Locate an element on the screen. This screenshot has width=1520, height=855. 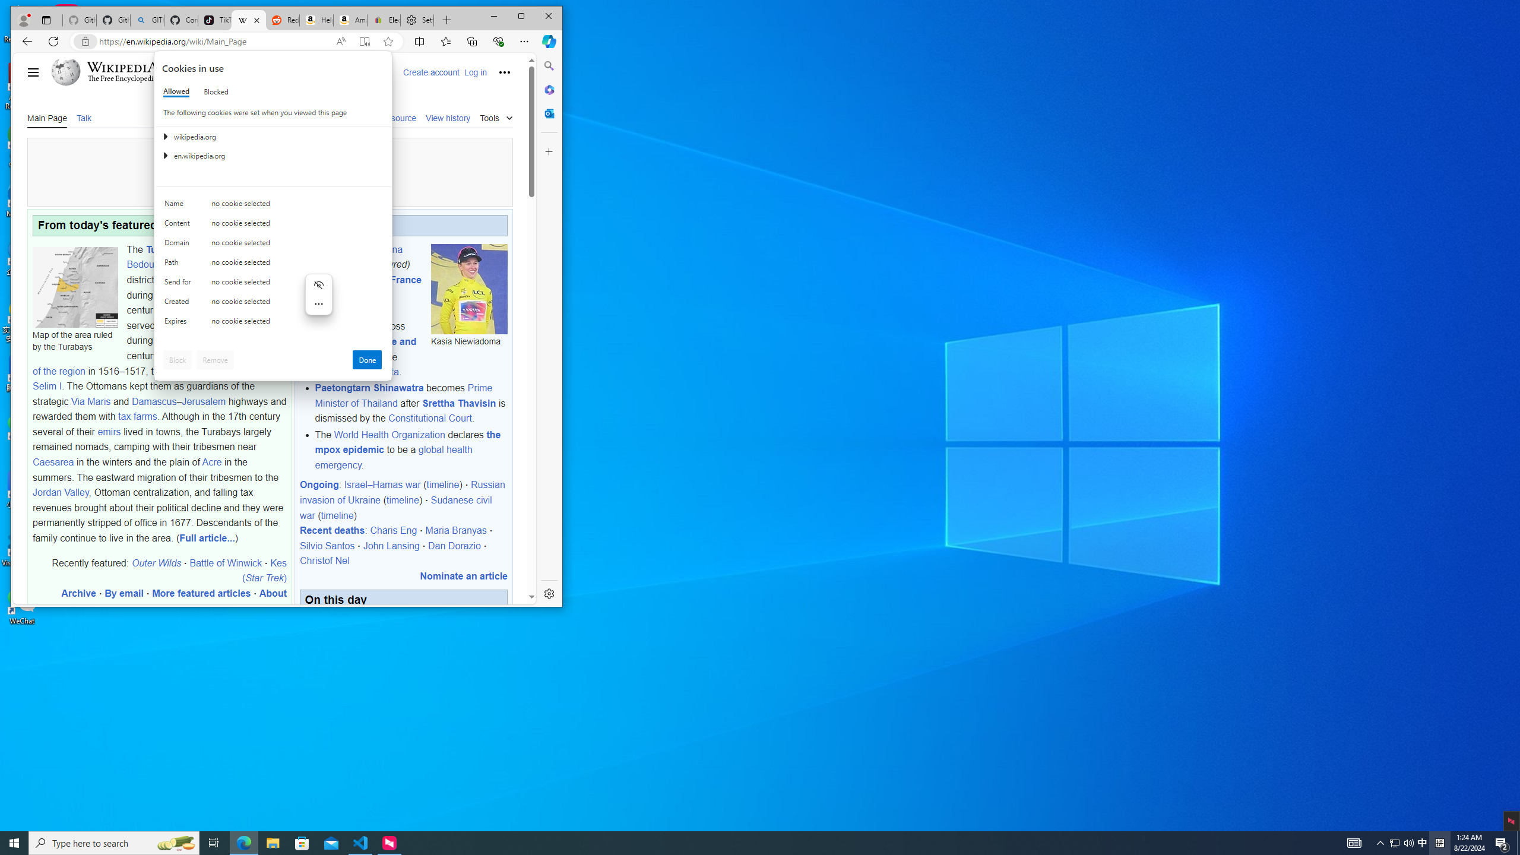
'Blocked' is located at coordinates (215, 91).